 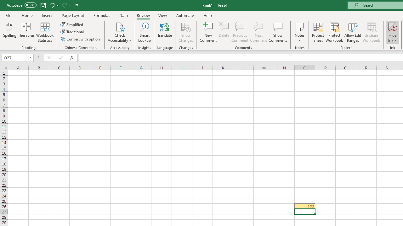 I want to click on 'Convert with option', so click(x=80, y=39).